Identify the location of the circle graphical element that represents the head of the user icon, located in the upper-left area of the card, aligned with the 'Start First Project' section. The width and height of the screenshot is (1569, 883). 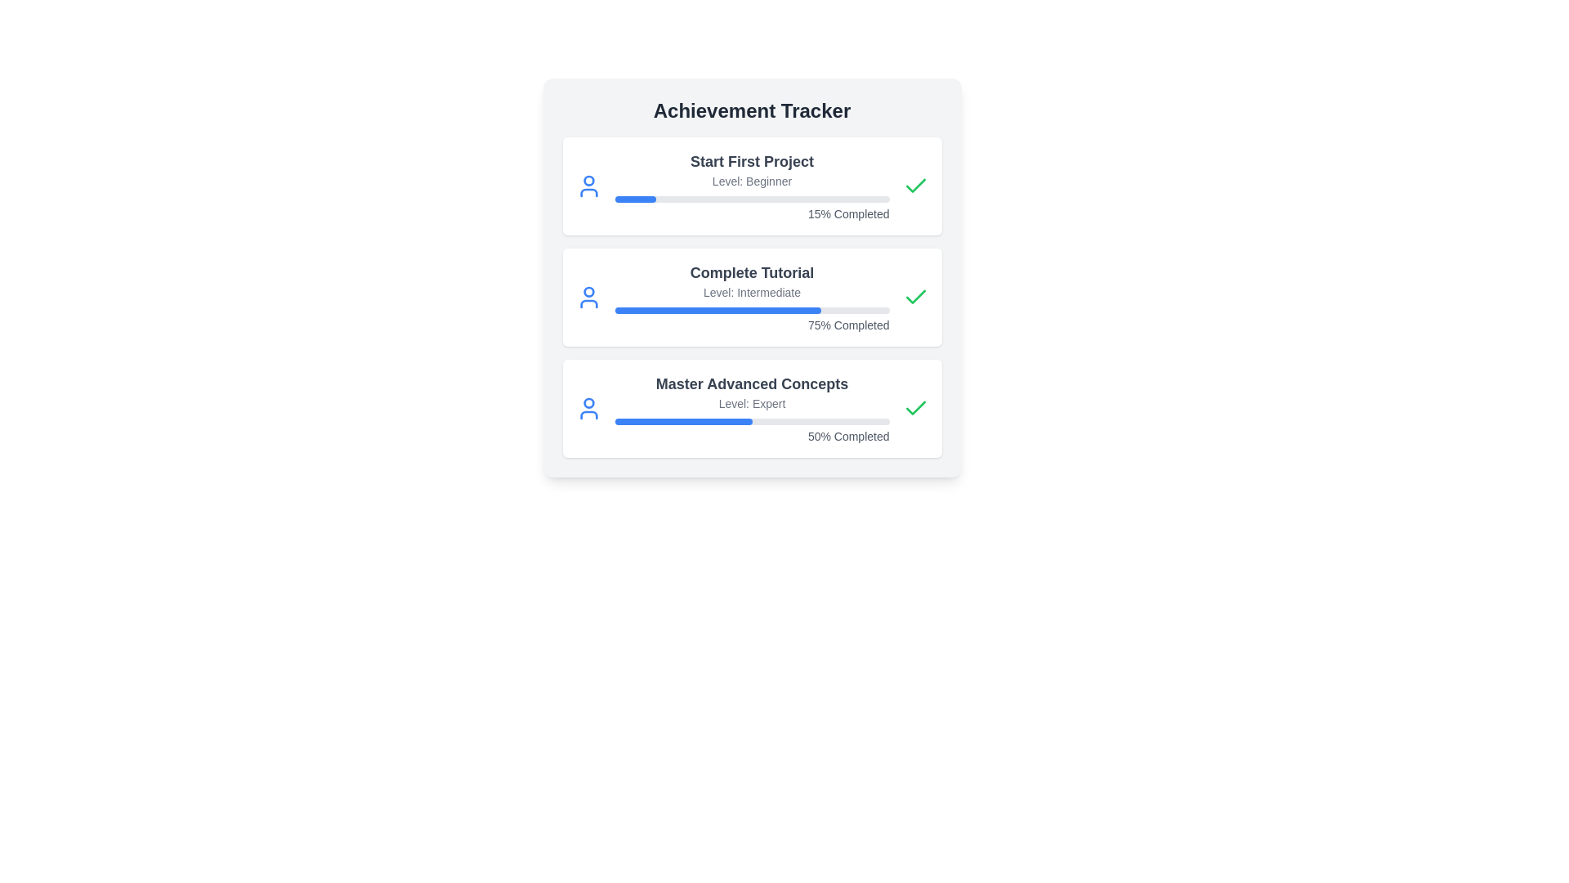
(588, 181).